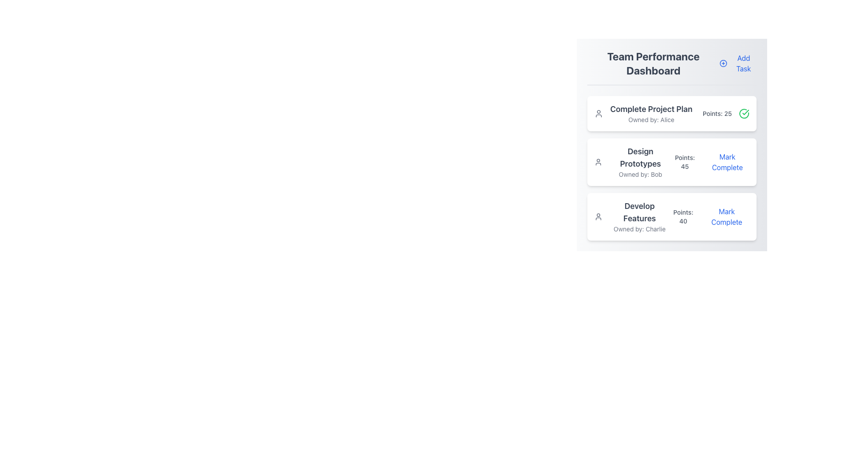  What do you see at coordinates (672, 113) in the screenshot?
I see `the topmost card in the 'Team Performance Dashboard' that displays the task 'Complete Project Plan', owned by Alice, with 25 associated points` at bounding box center [672, 113].